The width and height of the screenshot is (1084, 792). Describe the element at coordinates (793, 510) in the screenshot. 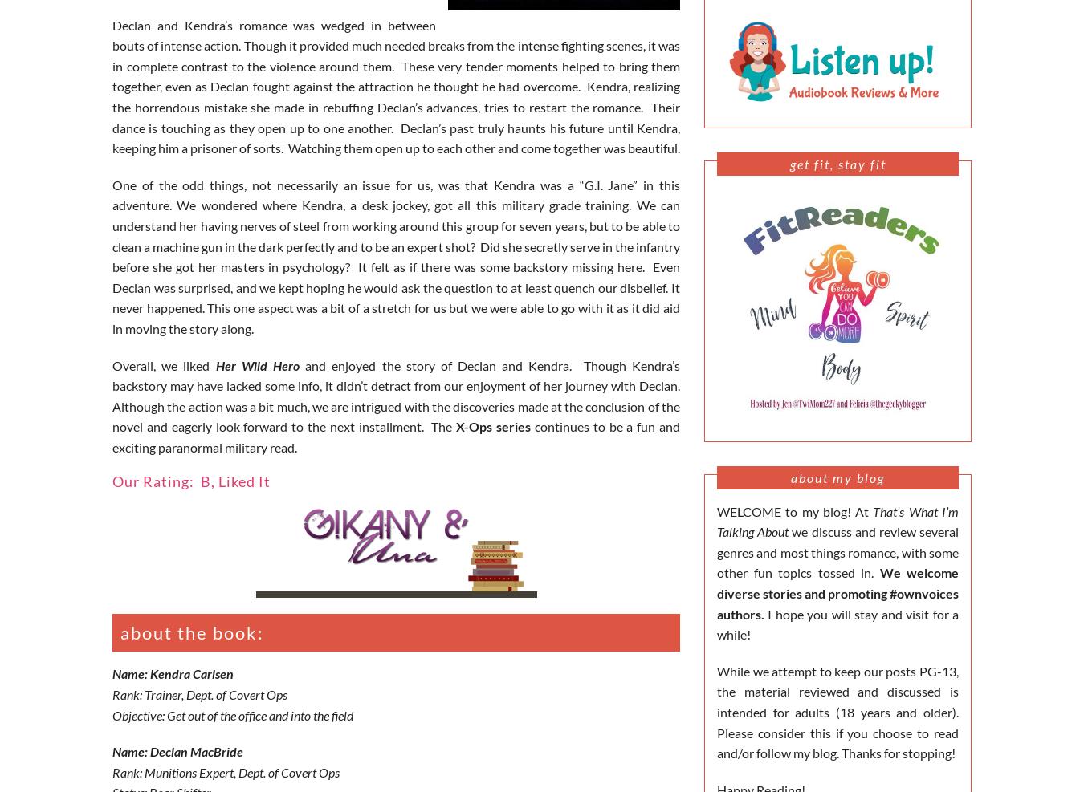

I see `'WELCOME to my blog! At'` at that location.